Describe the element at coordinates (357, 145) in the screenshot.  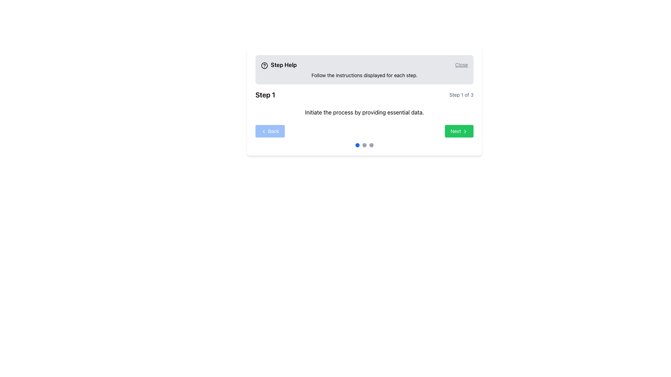
I see `the state of the first blue circular Dot indicator located among three indicators below the main content area` at that location.